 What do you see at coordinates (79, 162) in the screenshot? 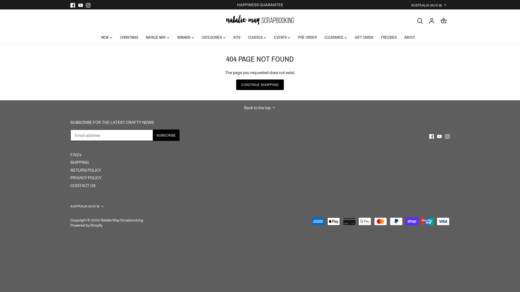
I see `'SHIPPING'` at bounding box center [79, 162].